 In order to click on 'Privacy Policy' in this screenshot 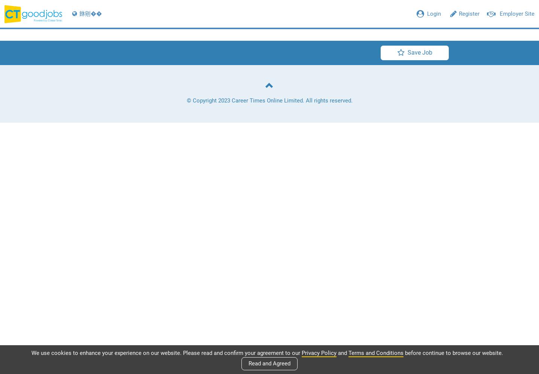, I will do `click(319, 352)`.